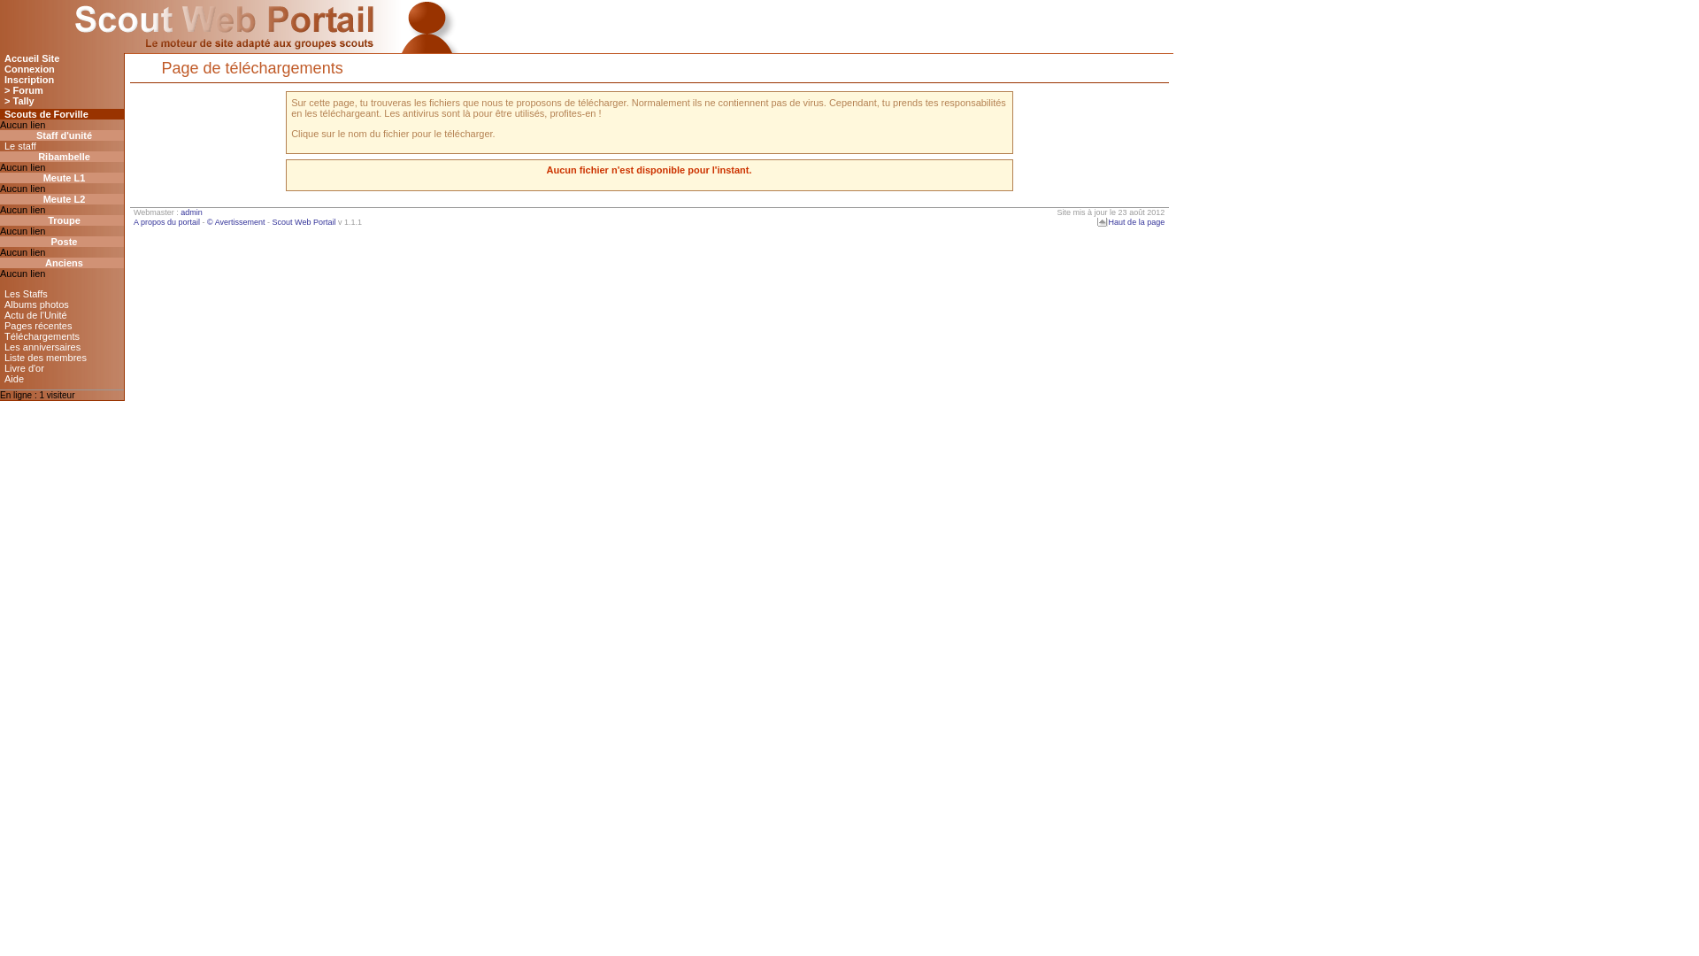 Image resolution: width=1699 pixels, height=956 pixels. I want to click on 'Connexion', so click(62, 67).